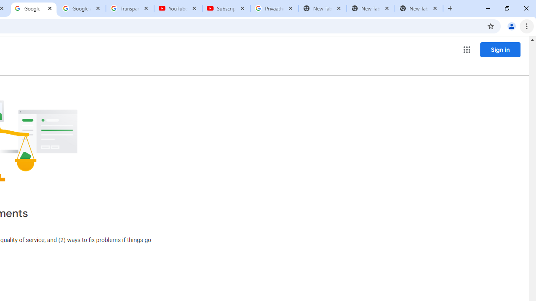 The image size is (536, 301). Describe the element at coordinates (226, 8) in the screenshot. I see `'Subscriptions - YouTube'` at that location.